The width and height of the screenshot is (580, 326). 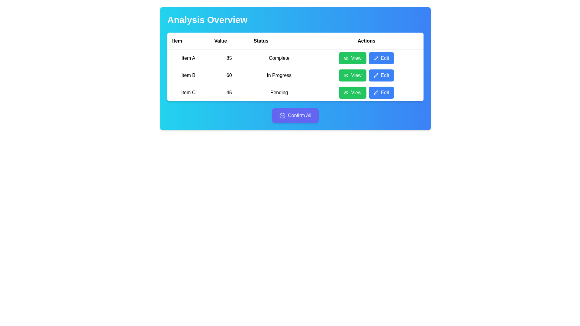 What do you see at coordinates (295, 58) in the screenshot?
I see `the first row of the data table which contains the columns 'Item', 'Value', 'Status', and 'Actions', with the buttons 'View' and 'Edit'` at bounding box center [295, 58].